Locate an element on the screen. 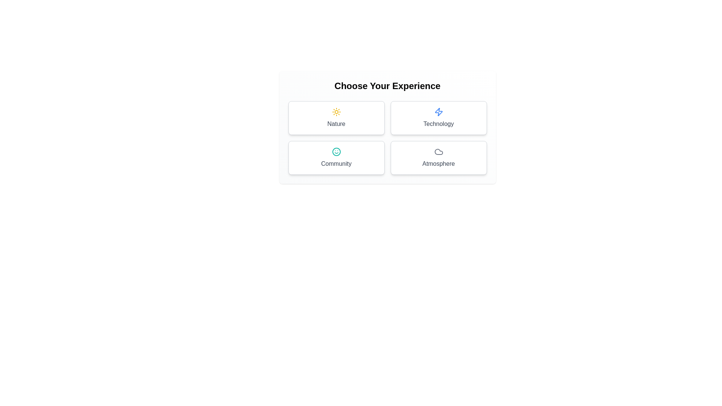  the button representing the theme Community is located at coordinates (336, 158).